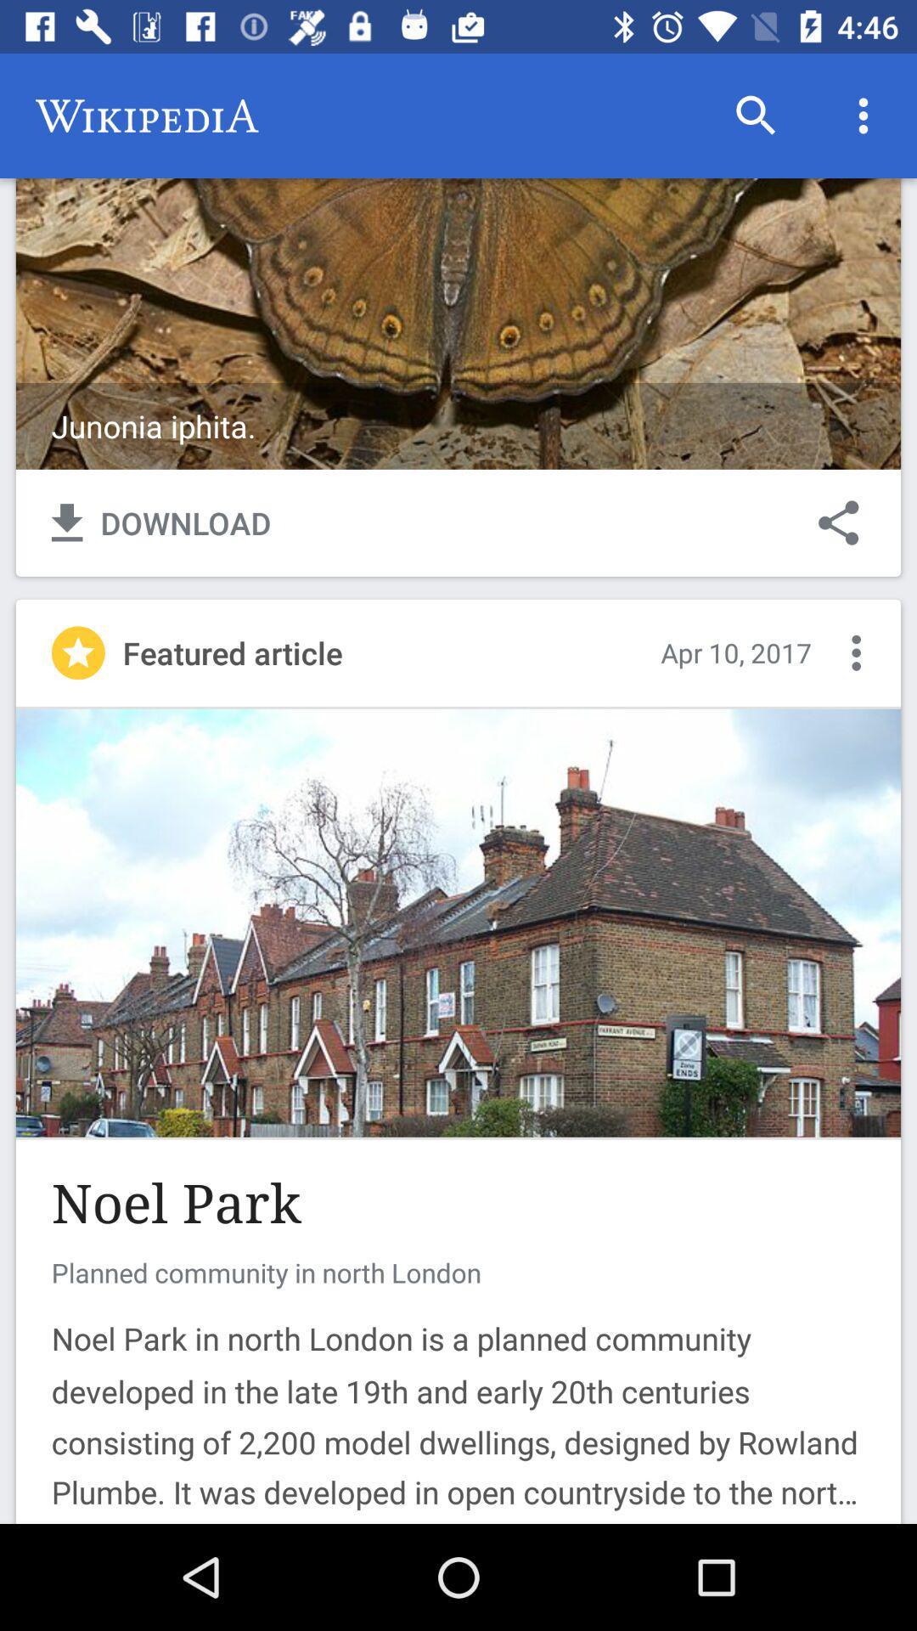 The image size is (917, 1631). I want to click on the icon after the search icon, so click(864, 116).